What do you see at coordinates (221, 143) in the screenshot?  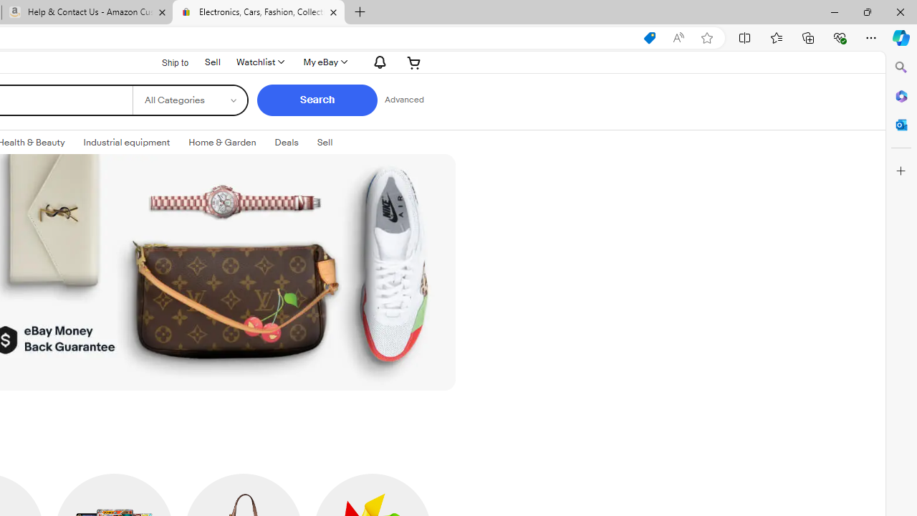 I see `'Home & GardenExpand: Home & Garden'` at bounding box center [221, 143].